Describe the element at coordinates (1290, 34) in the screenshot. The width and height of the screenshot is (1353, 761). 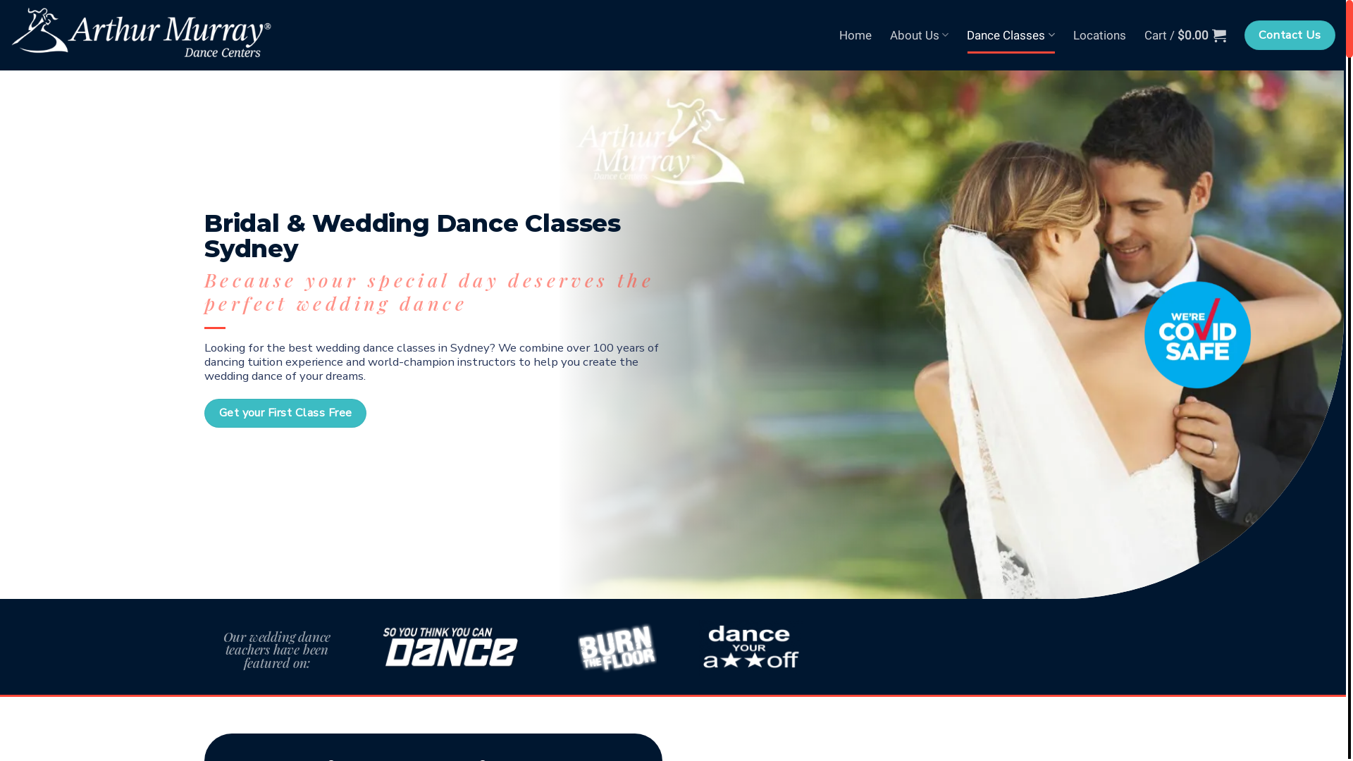
I see `'Contact Us'` at that location.